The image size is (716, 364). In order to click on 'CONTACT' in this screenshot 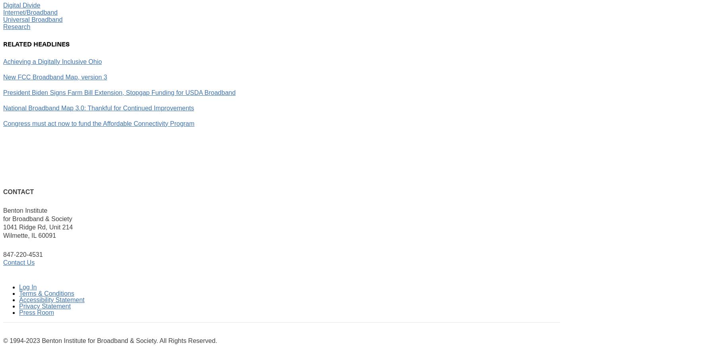, I will do `click(18, 191)`.